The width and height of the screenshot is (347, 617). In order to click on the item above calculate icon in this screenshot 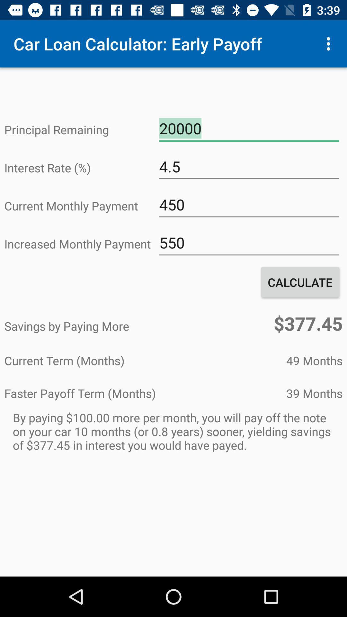, I will do `click(249, 242)`.